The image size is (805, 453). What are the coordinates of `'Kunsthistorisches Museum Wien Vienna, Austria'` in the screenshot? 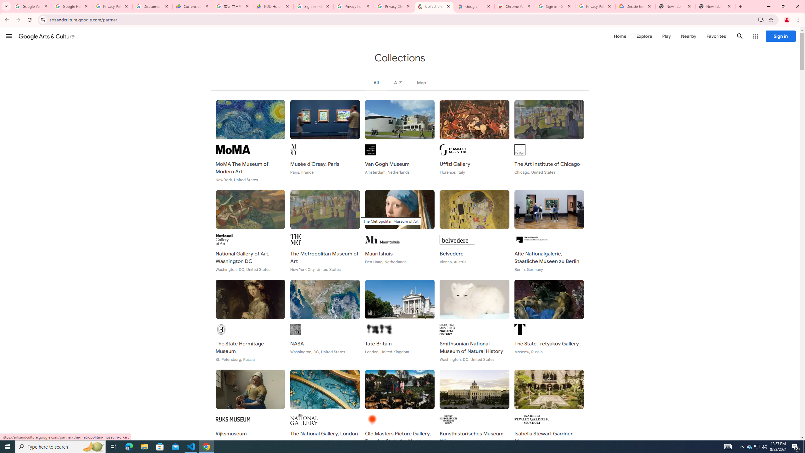 It's located at (474, 411).